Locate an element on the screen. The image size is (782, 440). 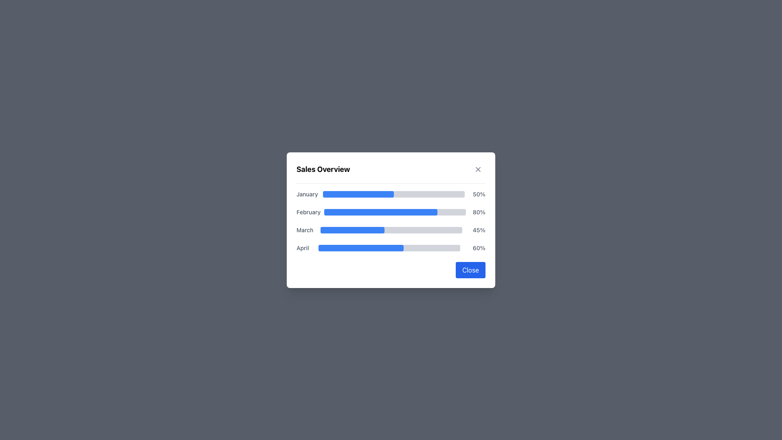
the composite element representing the progress for February, which shows 80% completion in the Sales Overview dialog is located at coordinates (391, 211).